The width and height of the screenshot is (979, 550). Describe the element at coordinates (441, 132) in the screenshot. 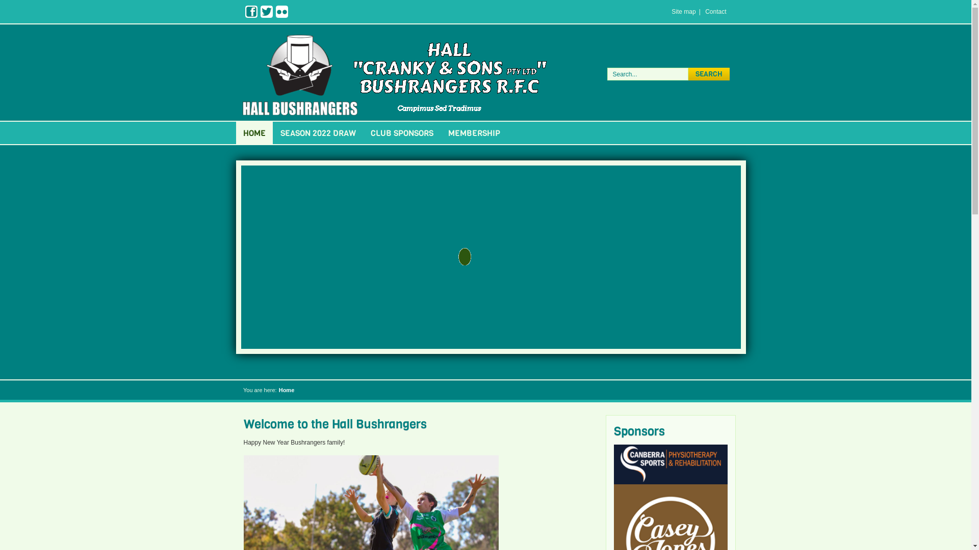

I see `'MEMBERSHIP'` at that location.